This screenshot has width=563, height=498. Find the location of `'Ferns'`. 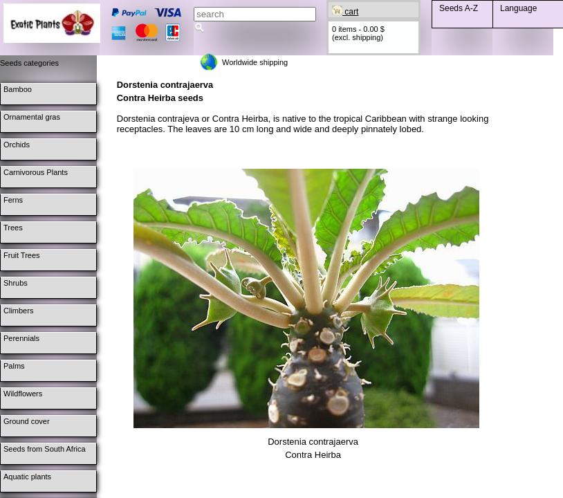

'Ferns' is located at coordinates (12, 200).